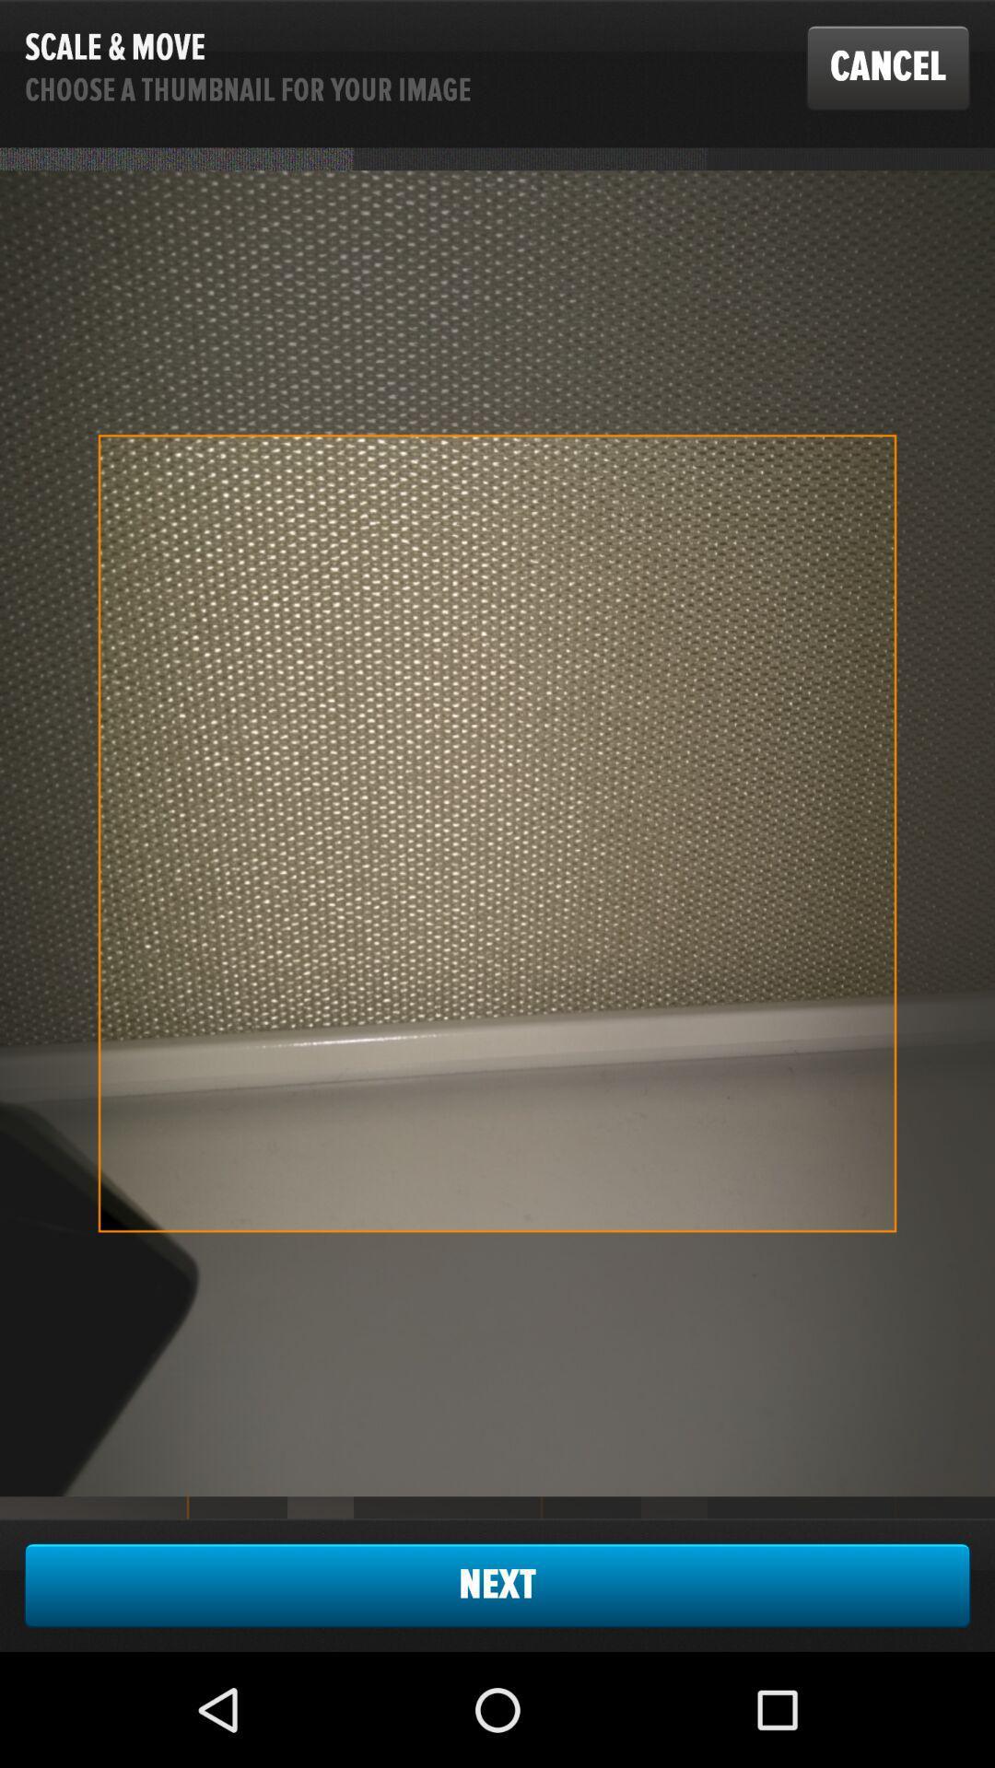  I want to click on the cancel at the top right corner, so click(887, 67).